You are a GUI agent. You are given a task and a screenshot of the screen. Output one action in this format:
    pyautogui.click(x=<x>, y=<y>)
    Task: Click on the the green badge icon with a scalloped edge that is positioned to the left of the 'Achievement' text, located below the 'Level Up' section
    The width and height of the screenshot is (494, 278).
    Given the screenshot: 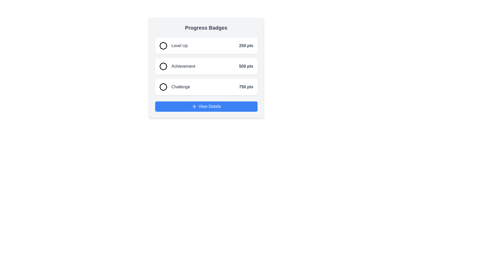 What is the action you would take?
    pyautogui.click(x=163, y=66)
    